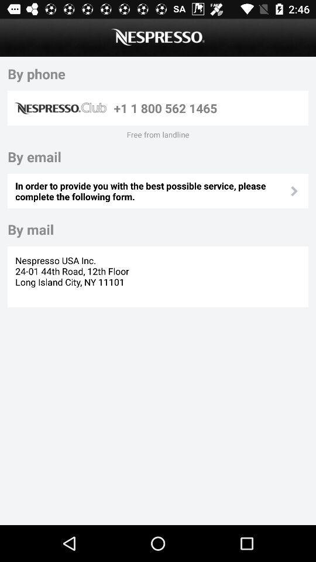  Describe the element at coordinates (73, 276) in the screenshot. I see `nespresso usa inc` at that location.